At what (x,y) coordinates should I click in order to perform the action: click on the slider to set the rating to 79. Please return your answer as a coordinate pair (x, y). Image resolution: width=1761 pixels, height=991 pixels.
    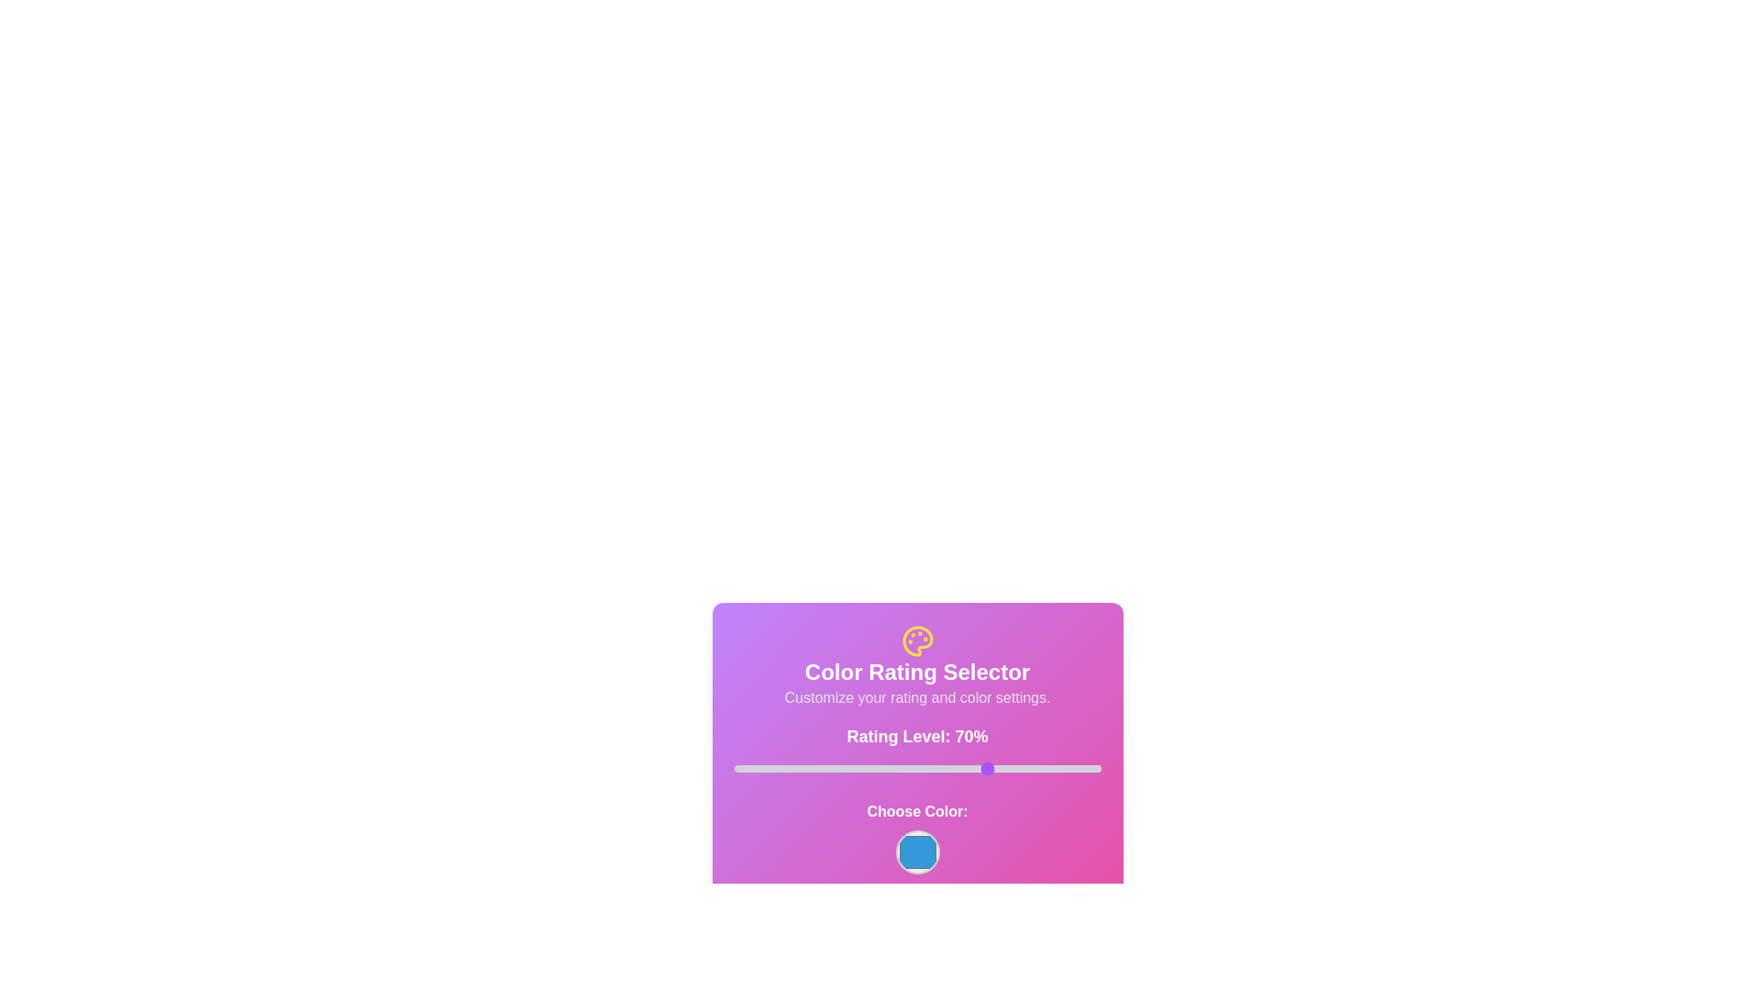
    Looking at the image, I should click on (1023, 768).